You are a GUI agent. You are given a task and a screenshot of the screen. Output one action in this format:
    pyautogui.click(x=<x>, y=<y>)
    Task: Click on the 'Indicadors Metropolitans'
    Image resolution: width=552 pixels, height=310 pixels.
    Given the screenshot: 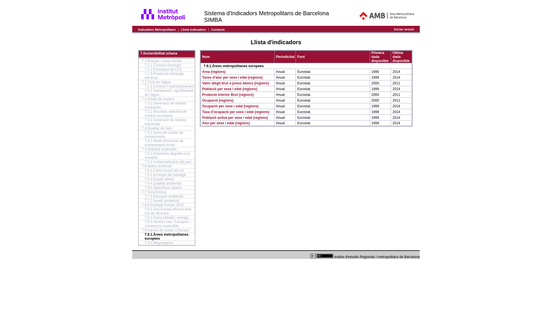 What is the action you would take?
    pyautogui.click(x=157, y=29)
    